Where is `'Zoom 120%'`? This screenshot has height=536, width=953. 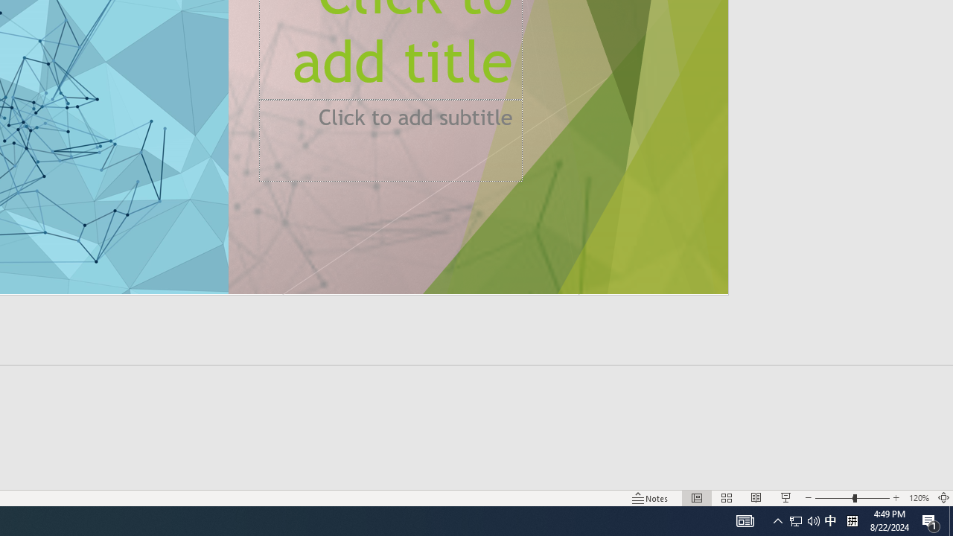 'Zoom 120%' is located at coordinates (918, 498).